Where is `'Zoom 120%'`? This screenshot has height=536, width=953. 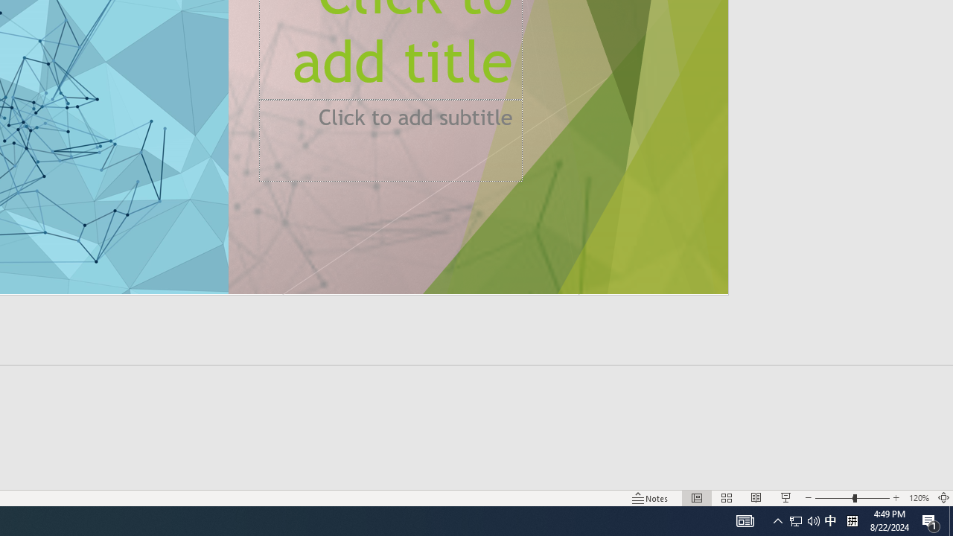 'Zoom 120%' is located at coordinates (918, 498).